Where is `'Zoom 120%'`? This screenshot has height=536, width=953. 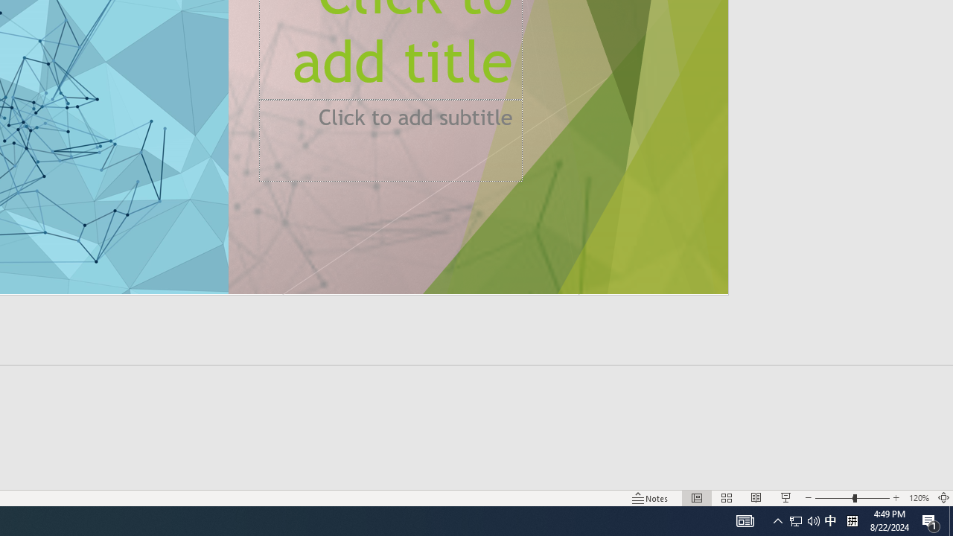 'Zoom 120%' is located at coordinates (918, 498).